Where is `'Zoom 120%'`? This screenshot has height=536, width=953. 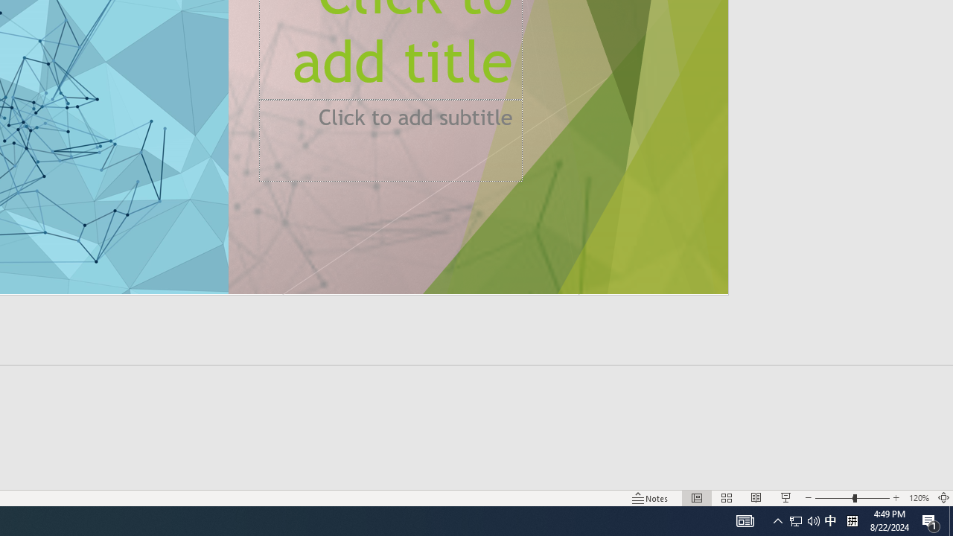 'Zoom 120%' is located at coordinates (918, 498).